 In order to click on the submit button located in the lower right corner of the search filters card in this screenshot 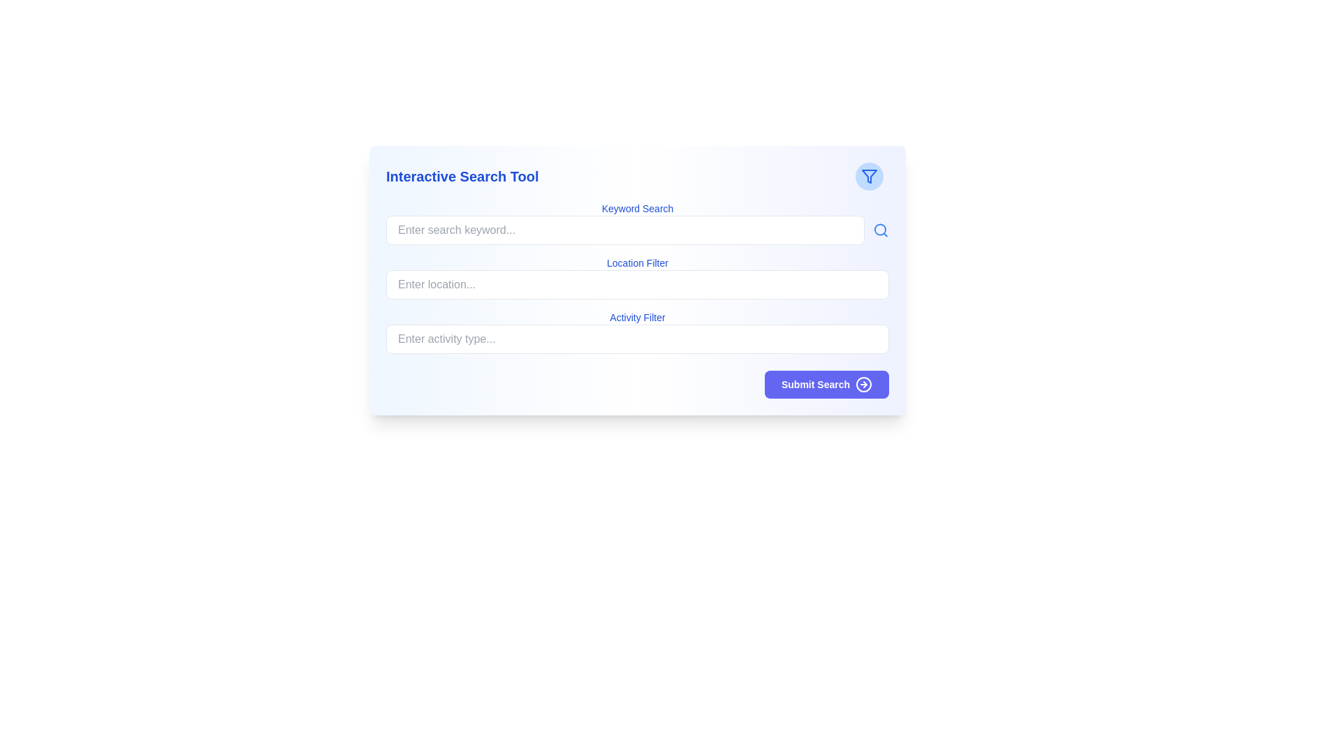, I will do `click(827, 385)`.